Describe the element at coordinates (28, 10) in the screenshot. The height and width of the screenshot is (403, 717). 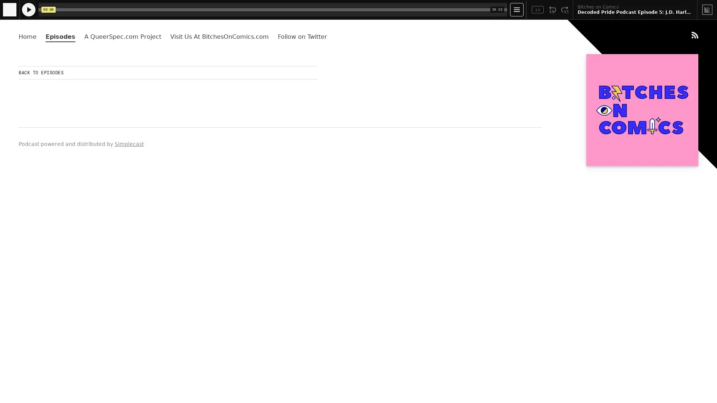
I see `Play` at that location.